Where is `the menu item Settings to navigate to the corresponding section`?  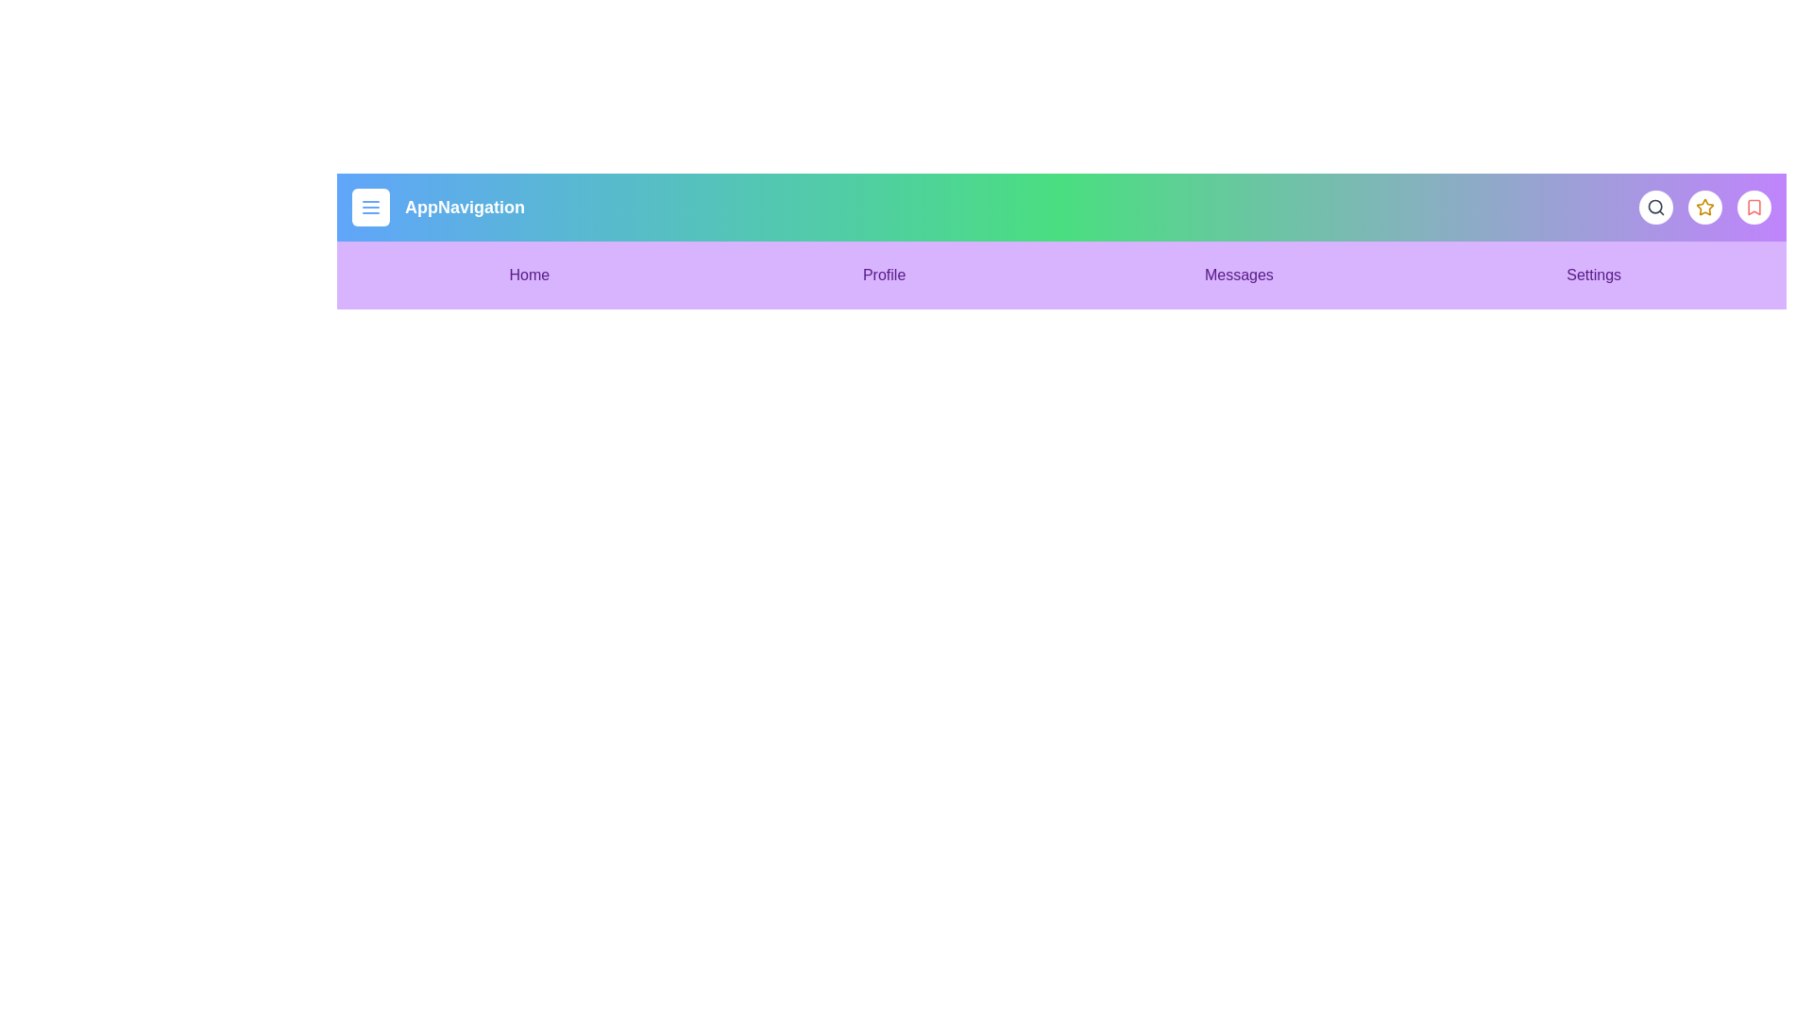
the menu item Settings to navigate to the corresponding section is located at coordinates (1593, 276).